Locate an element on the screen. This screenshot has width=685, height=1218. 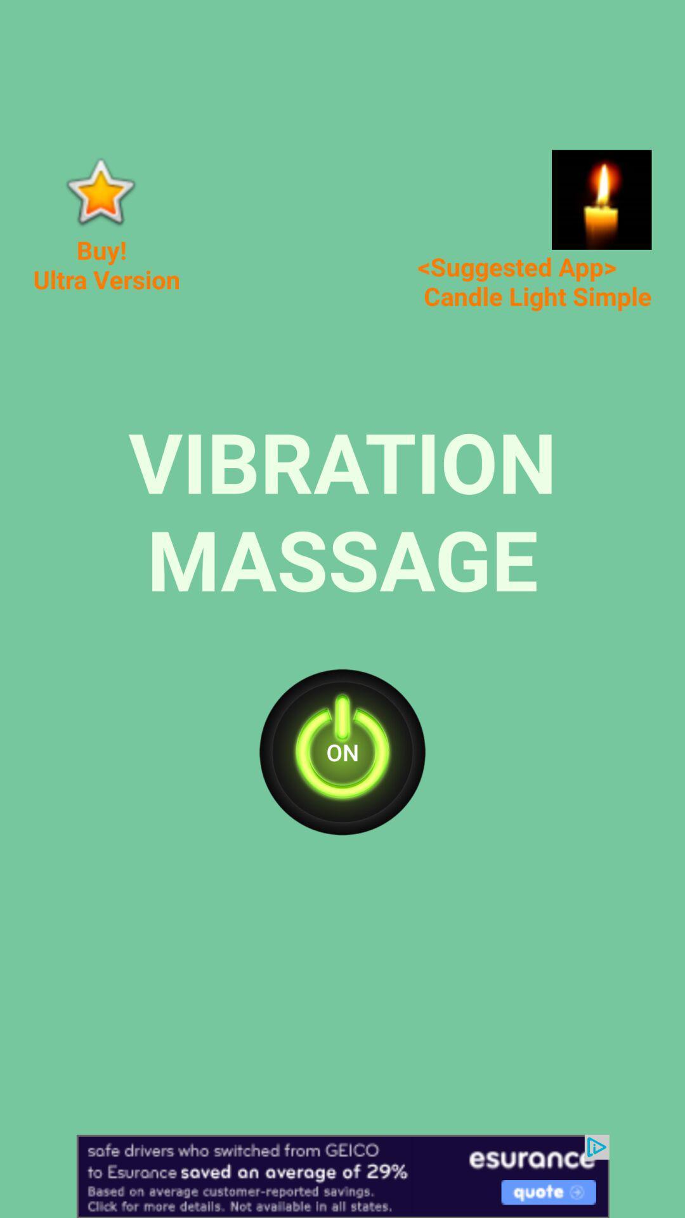
open advertisement is located at coordinates (601, 199).